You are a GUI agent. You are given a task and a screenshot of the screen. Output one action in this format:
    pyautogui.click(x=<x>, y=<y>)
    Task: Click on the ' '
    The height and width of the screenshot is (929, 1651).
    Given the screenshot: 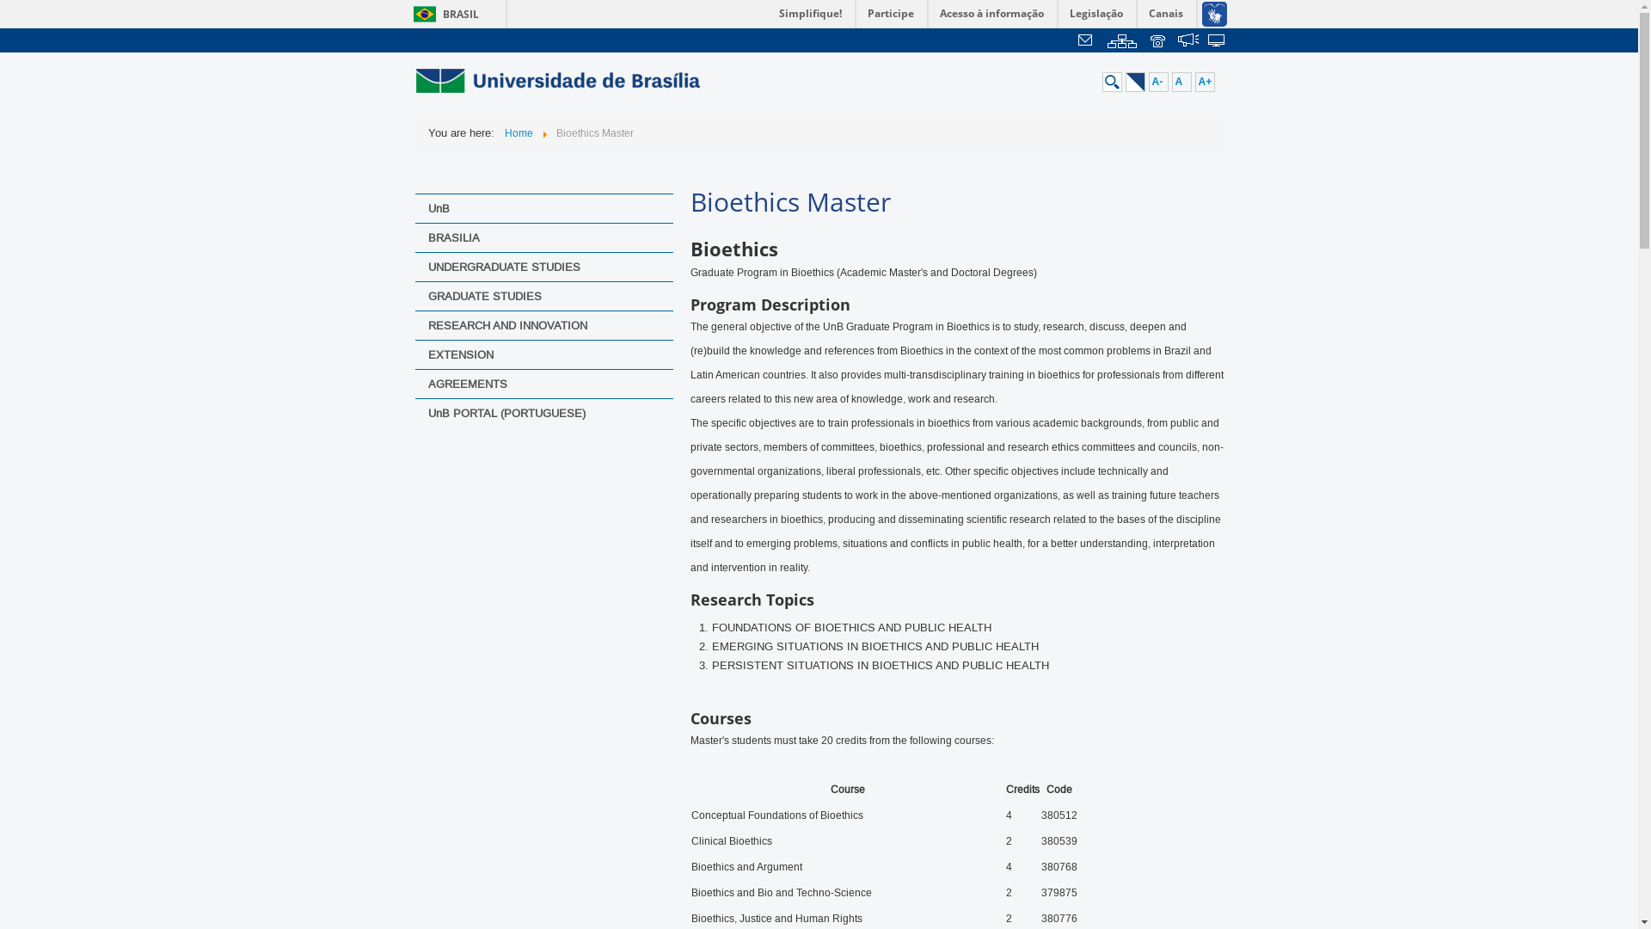 What is the action you would take?
    pyautogui.click(x=1159, y=41)
    